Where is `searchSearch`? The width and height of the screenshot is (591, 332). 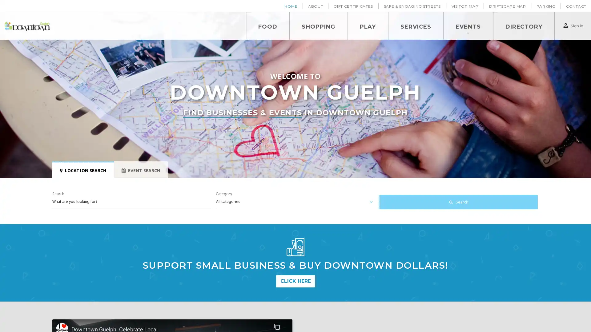 searchSearch is located at coordinates (458, 202).